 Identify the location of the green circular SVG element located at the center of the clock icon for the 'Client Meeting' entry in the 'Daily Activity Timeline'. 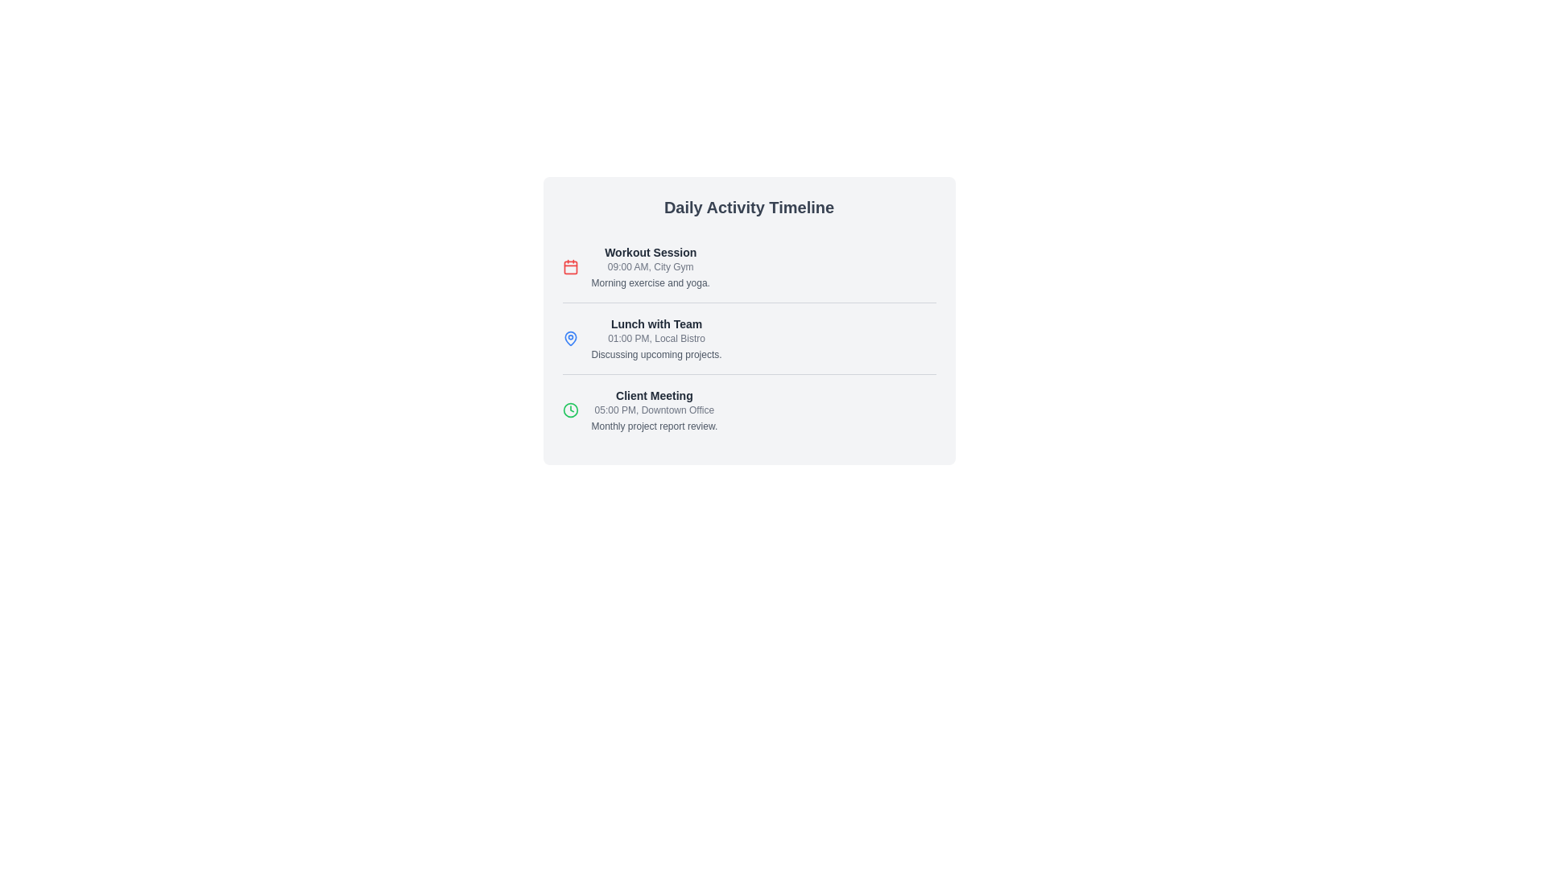
(570, 409).